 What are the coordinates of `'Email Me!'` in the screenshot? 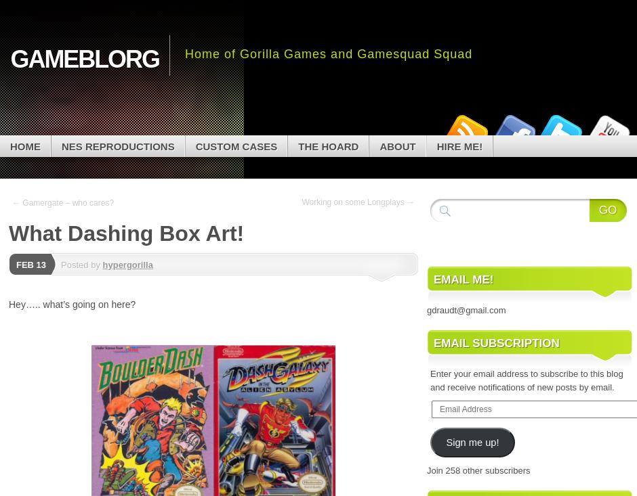 It's located at (463, 279).